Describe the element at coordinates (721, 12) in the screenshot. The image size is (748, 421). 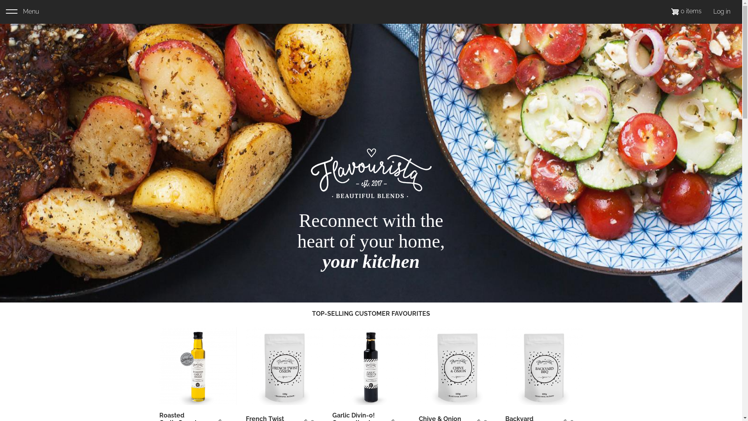
I see `'Log in'` at that location.